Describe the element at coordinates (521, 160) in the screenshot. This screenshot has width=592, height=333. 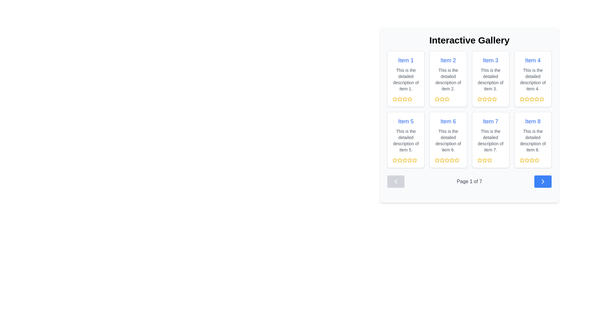
I see `the first yellow star-shaped rating icon in the rating section of the card labeled 'Item 8'` at that location.